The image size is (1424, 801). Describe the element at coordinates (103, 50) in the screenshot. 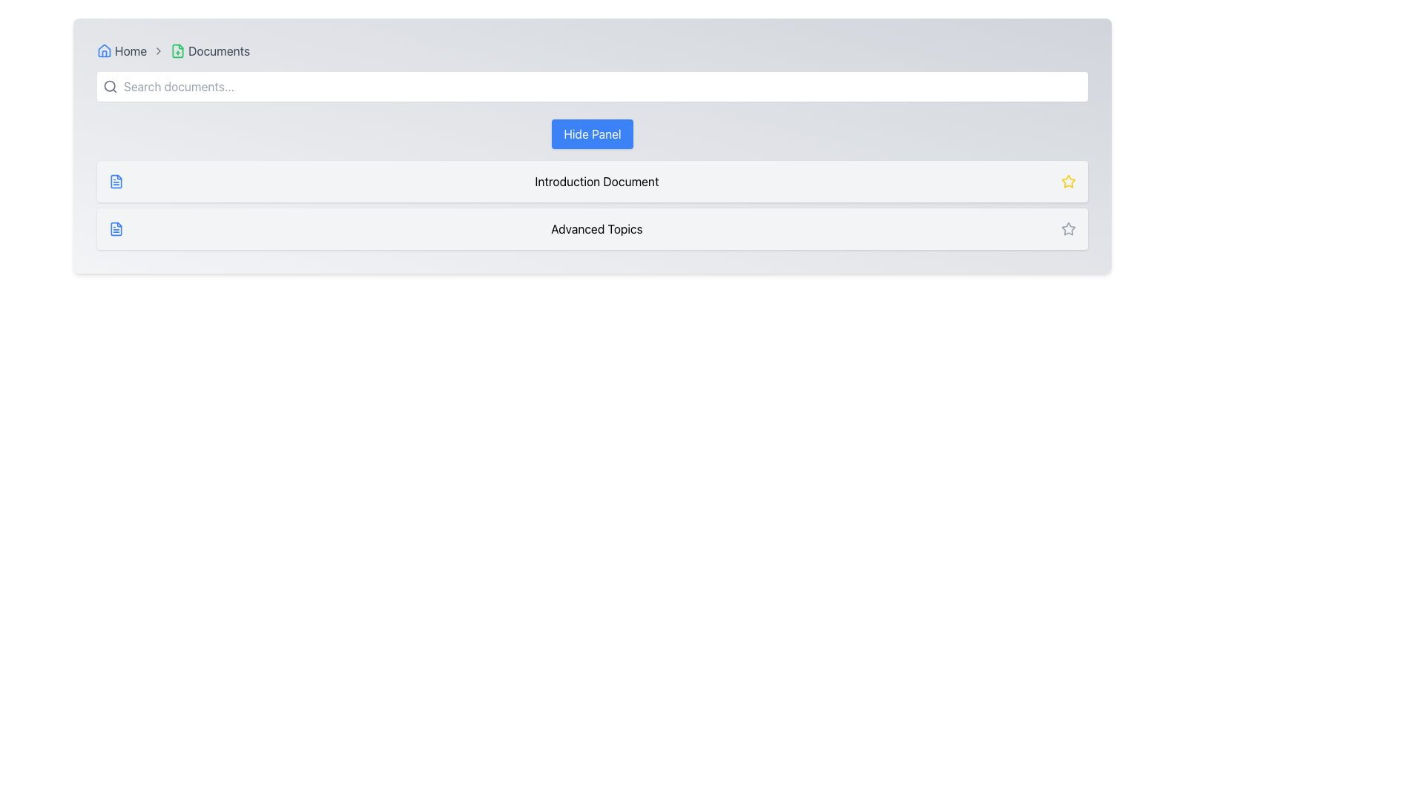

I see `the house-shaped icon with a blue-tinted outline in the breadcrumb navigation bar` at that location.